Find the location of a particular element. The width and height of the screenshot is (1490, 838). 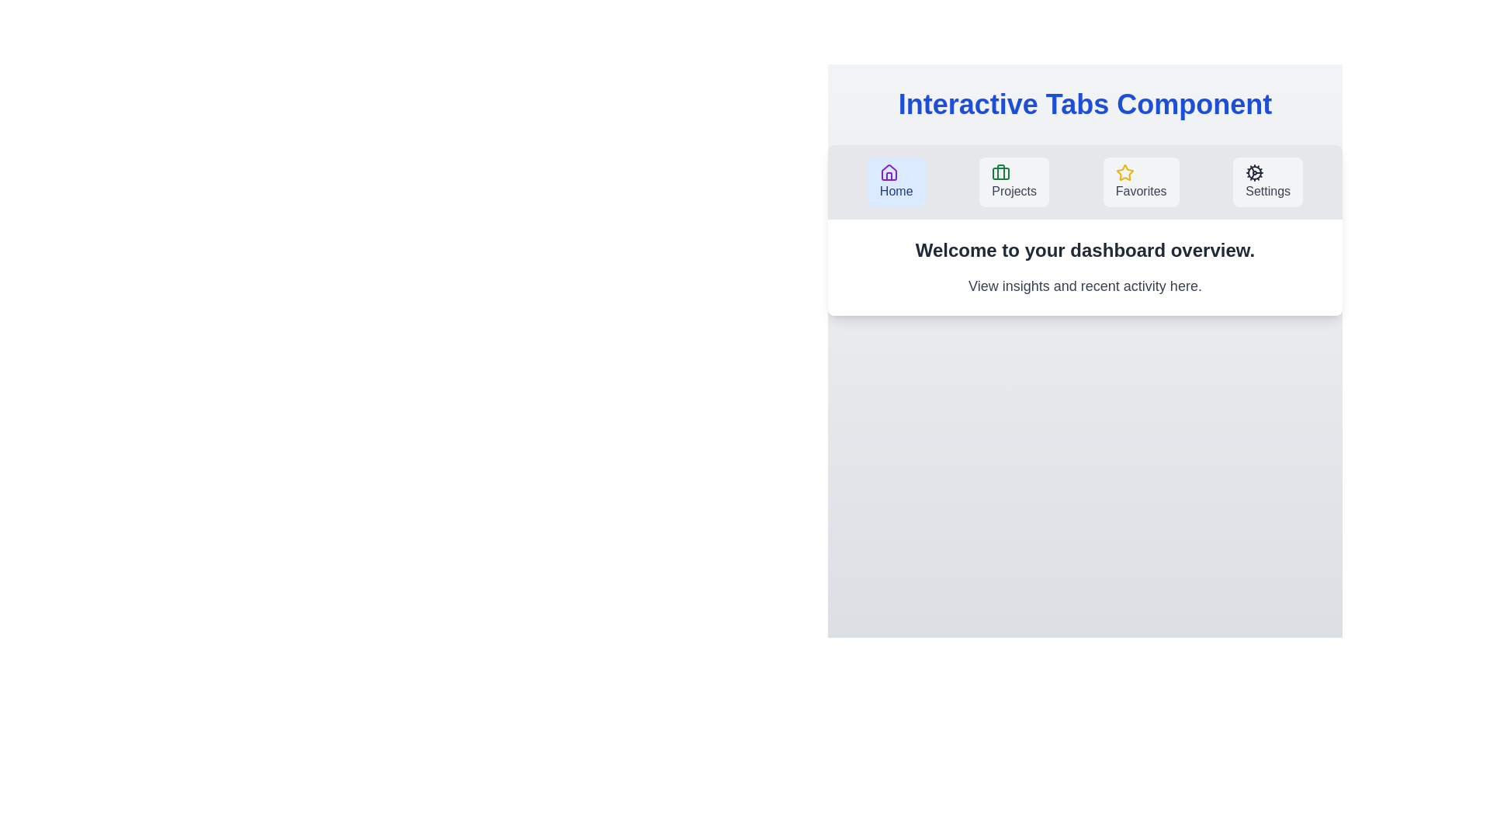

the Settings tab by clicking on its button is located at coordinates (1267, 182).